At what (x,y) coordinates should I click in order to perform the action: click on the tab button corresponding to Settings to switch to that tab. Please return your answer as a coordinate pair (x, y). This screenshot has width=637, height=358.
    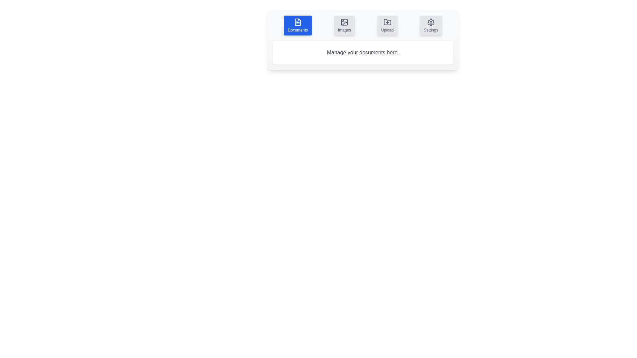
    Looking at the image, I should click on (431, 25).